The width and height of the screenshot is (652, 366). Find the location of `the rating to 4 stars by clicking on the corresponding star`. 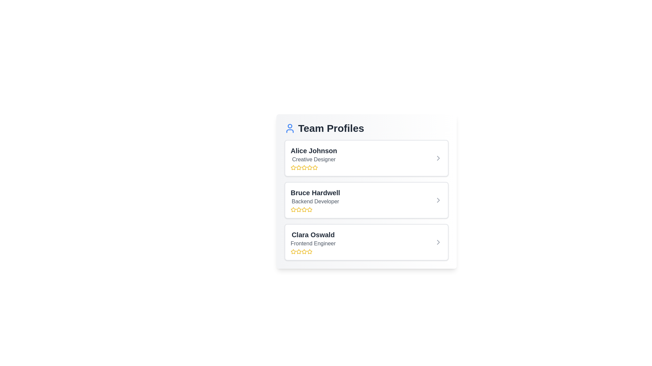

the rating to 4 stars by clicking on the corresponding star is located at coordinates (309, 167).